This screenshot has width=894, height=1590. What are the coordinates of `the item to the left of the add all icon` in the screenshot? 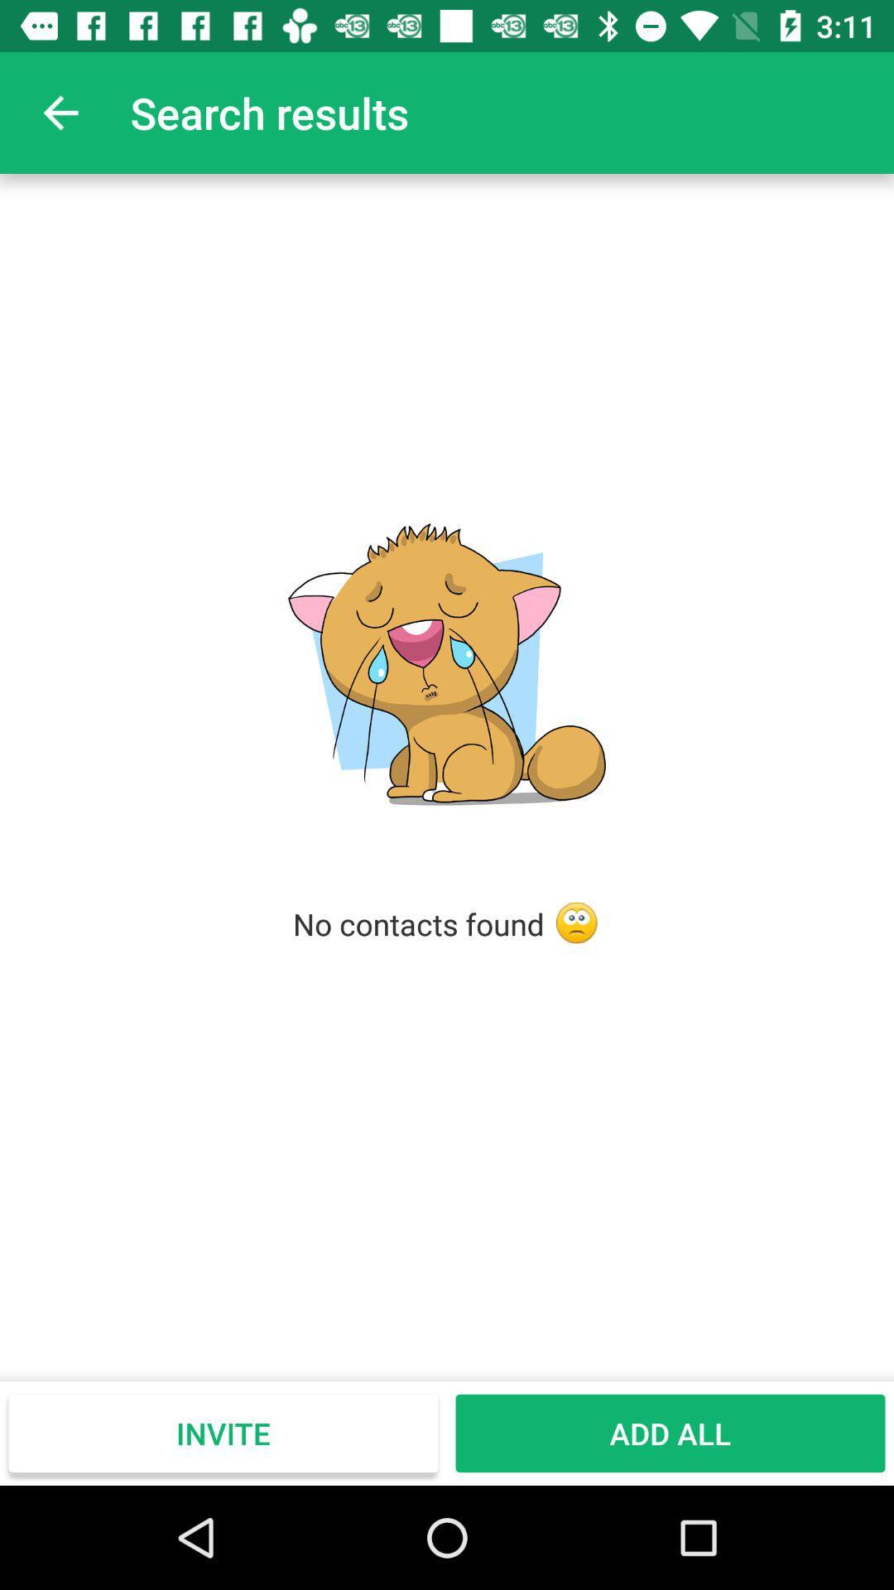 It's located at (223, 1433).